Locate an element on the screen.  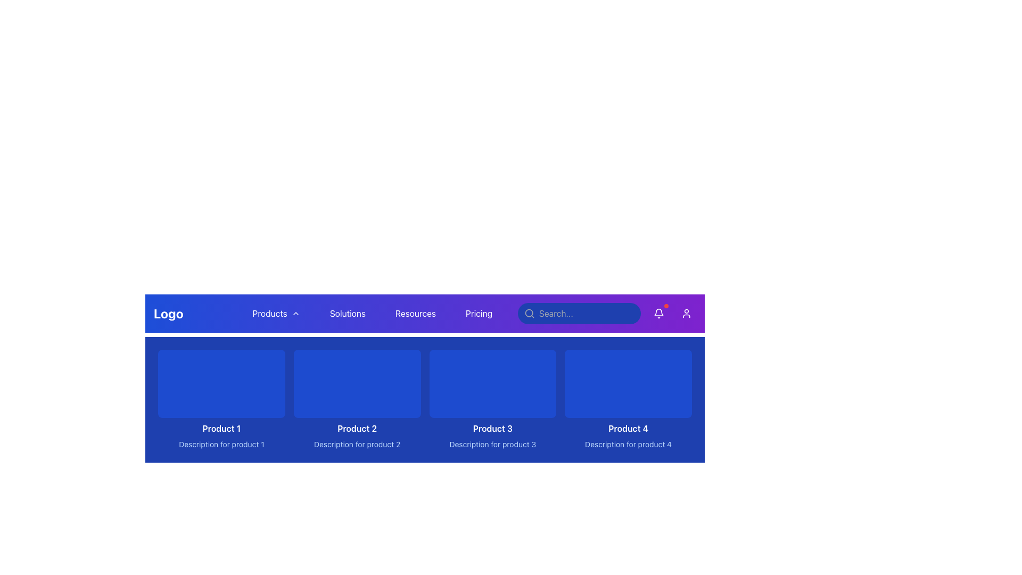
the text label displaying 'Description for product 4', which is a smaller, faint blue text located directly beneath the title 'Product 4' in the fourth product box is located at coordinates (628, 444).